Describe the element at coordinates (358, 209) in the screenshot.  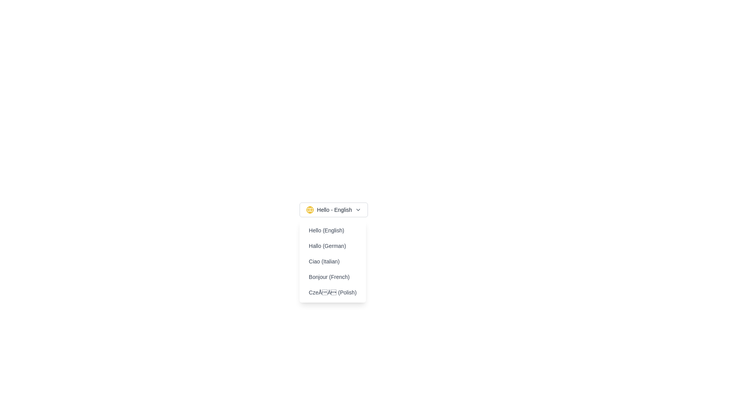
I see `the Dropdown Indicator Icon, which is a small gray down arrow located to the right of the text 'Hello - English'` at that location.